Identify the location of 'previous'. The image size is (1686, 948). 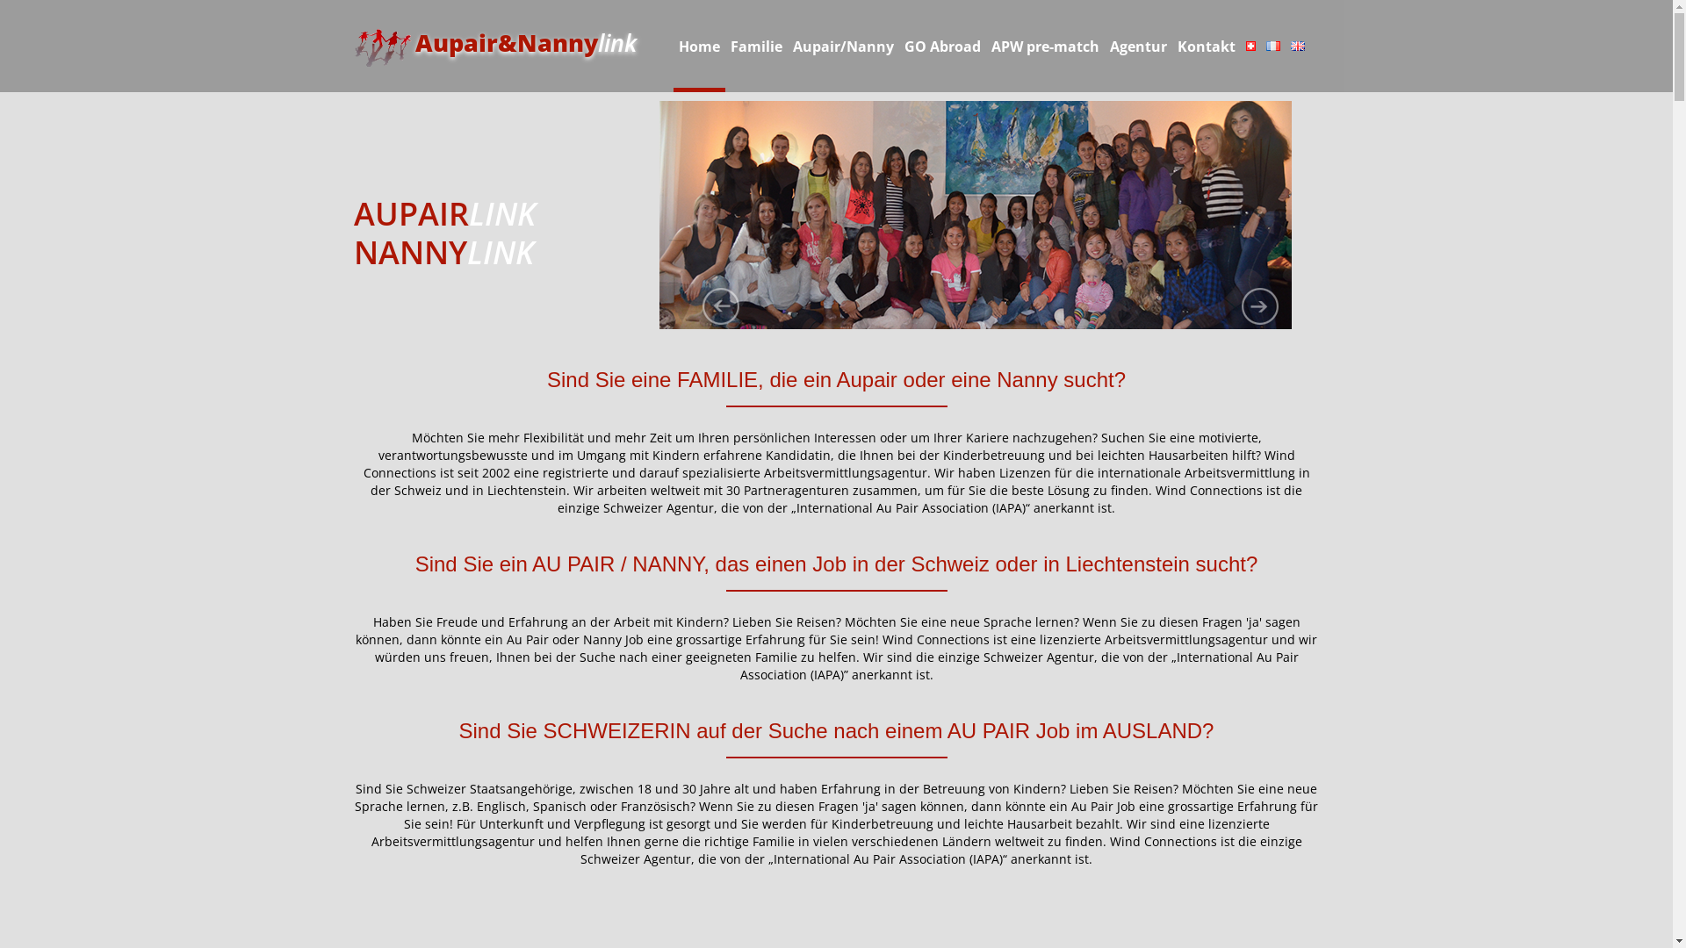
(720, 305).